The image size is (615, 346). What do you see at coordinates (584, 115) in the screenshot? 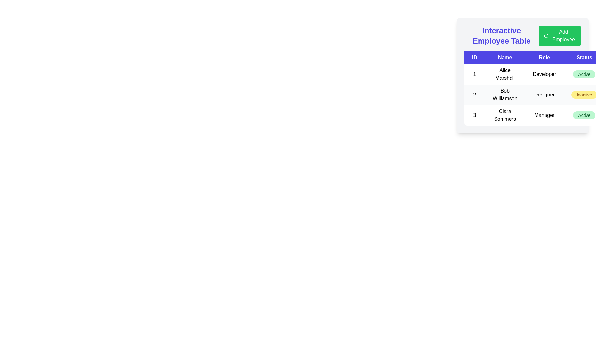
I see `the 'Active' text label with a light-green background in the Status column of the third row` at bounding box center [584, 115].